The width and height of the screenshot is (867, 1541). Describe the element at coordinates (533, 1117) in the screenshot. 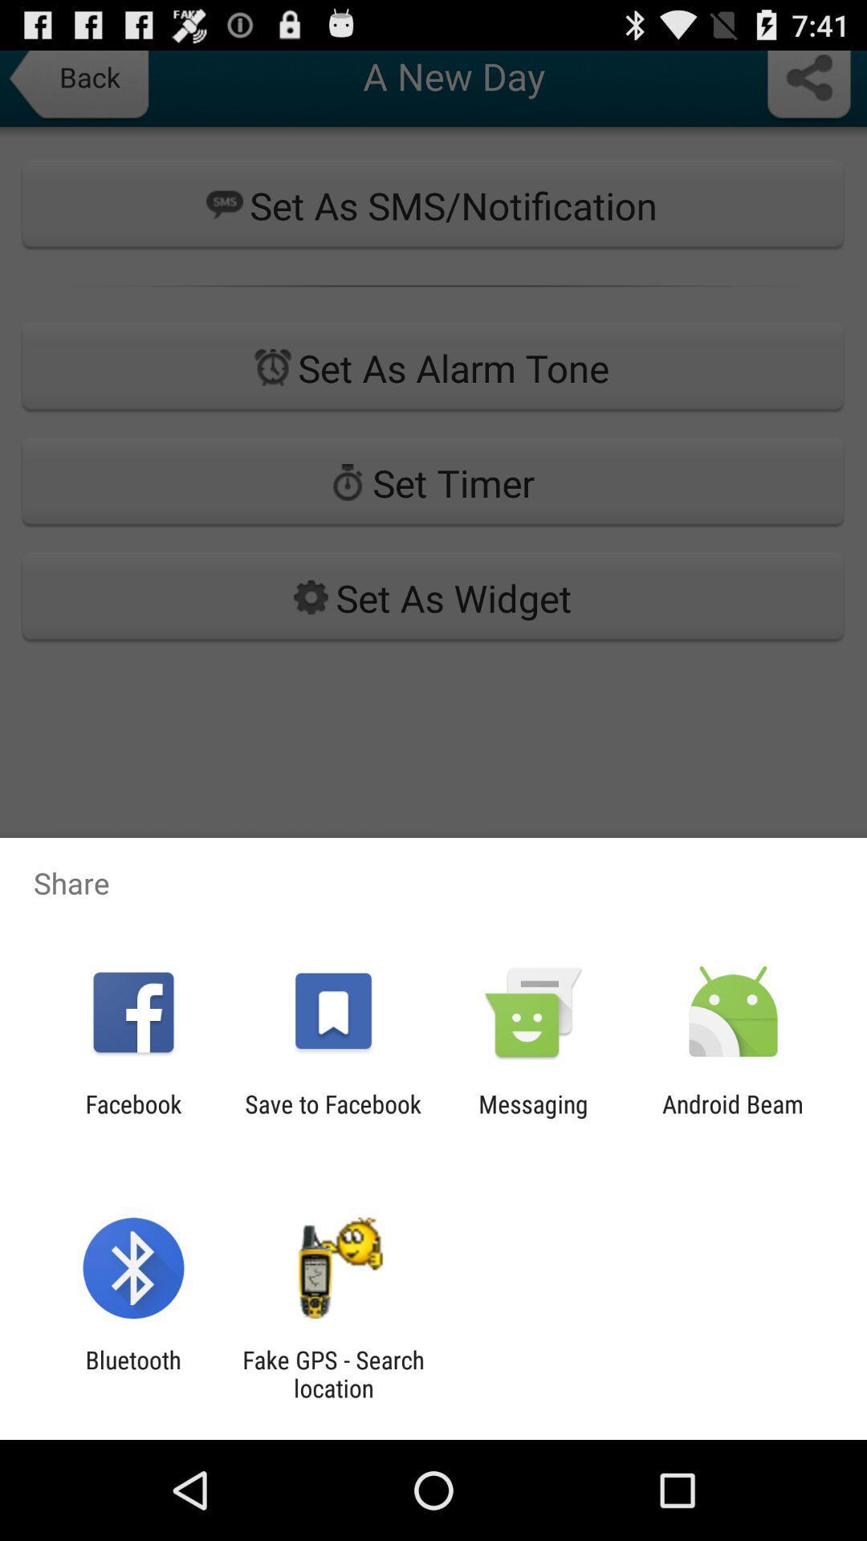

I see `the item to the left of android beam` at that location.